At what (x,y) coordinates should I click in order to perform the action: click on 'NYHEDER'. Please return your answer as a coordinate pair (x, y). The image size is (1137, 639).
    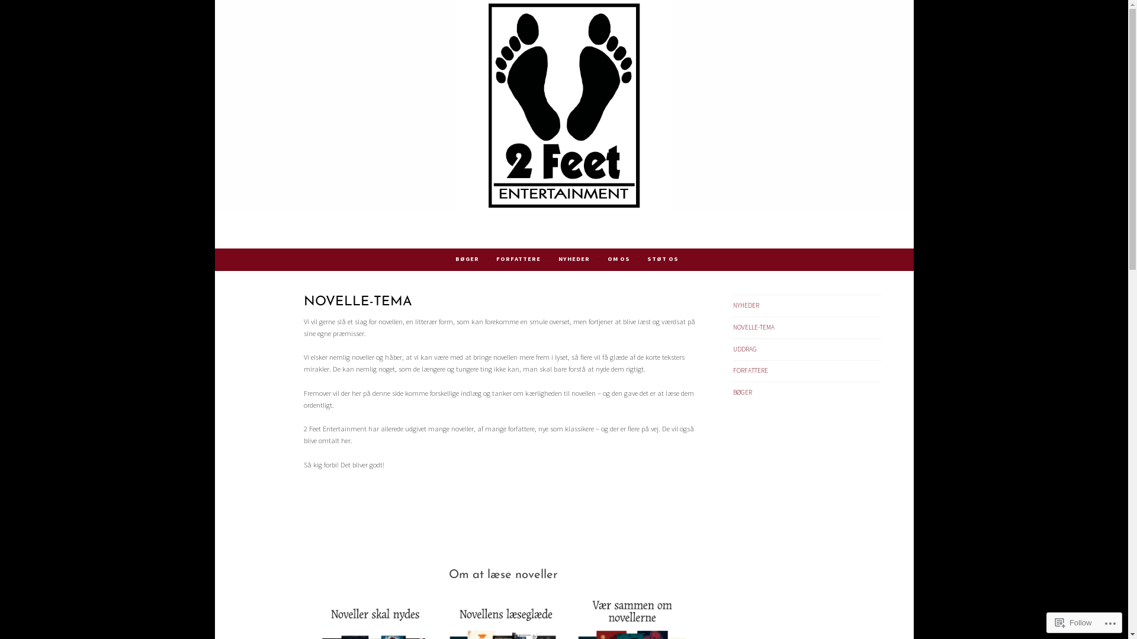
    Looking at the image, I should click on (574, 259).